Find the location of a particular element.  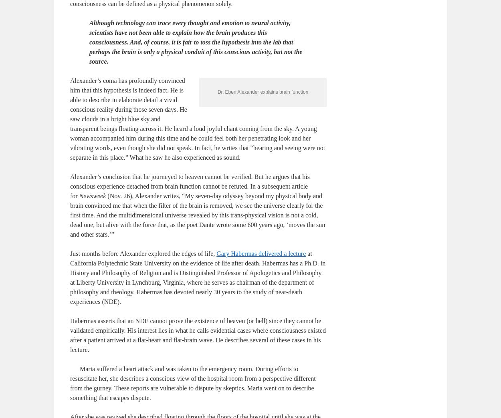

'Alexander’s coma has profoundly convinced him that this hypothesis is indeed fact. He is able to describe in elaborate detail a vivid conscious reality during those seven days. He saw clouds in a bright blue sky and transparent beings floating across it. He heard a loud joyful chant coming from the sky. A young woman accompanied him during this time and he could feel both her penetrating look and her vibrating words, even though she did not speak. In fact, he writes that “hearing and seeing were not separate in this place.” What he saw he also experienced as sound.' is located at coordinates (181, 171).